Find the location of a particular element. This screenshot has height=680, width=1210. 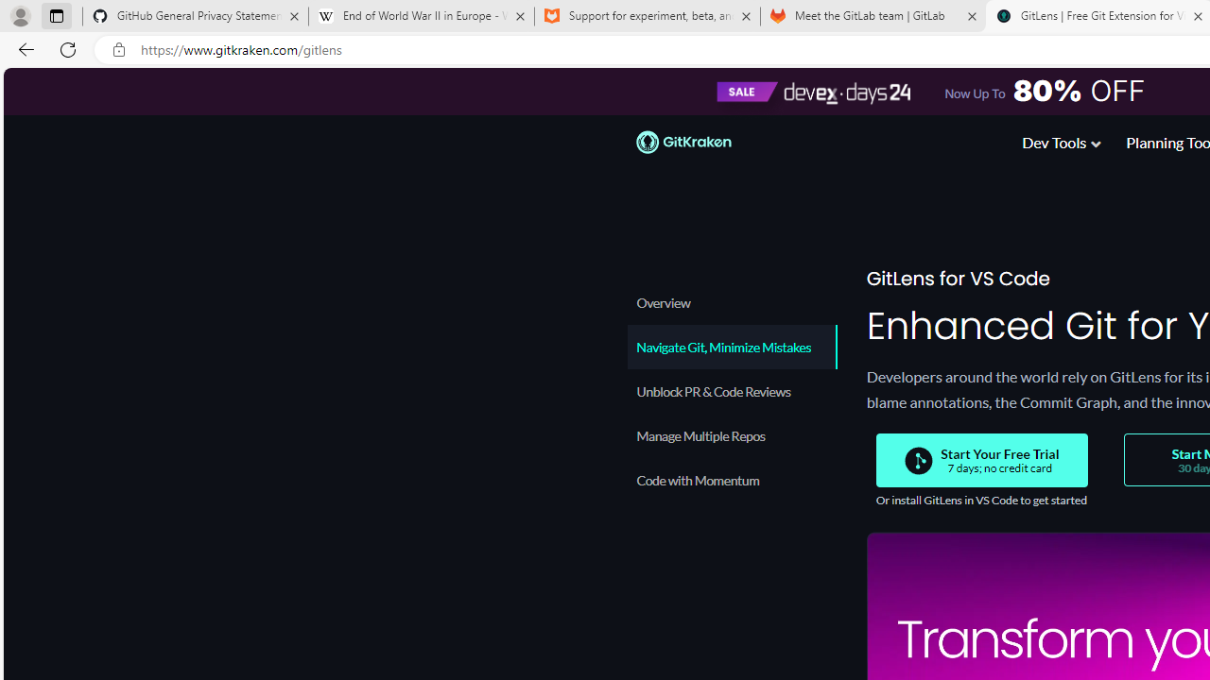

'End of World War II in Europe - Wikipedia' is located at coordinates (420, 16).